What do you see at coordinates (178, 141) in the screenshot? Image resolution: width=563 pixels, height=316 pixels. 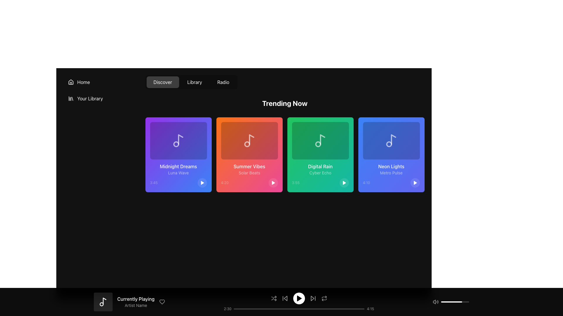 I see `the musical note icon located in the first card of the 'Trending Now' section, which has a purple gradient background and is associated with the audio content 'Midnight Dreams' and 'Luna Wave'` at bounding box center [178, 141].